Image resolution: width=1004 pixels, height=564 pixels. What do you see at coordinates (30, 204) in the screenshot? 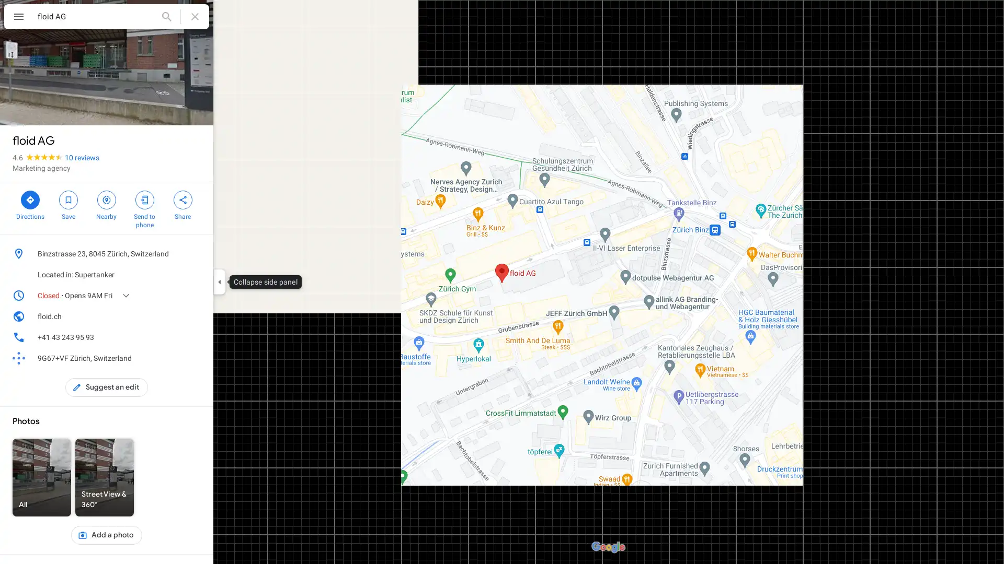
I see `Directions to floid AG` at bounding box center [30, 204].